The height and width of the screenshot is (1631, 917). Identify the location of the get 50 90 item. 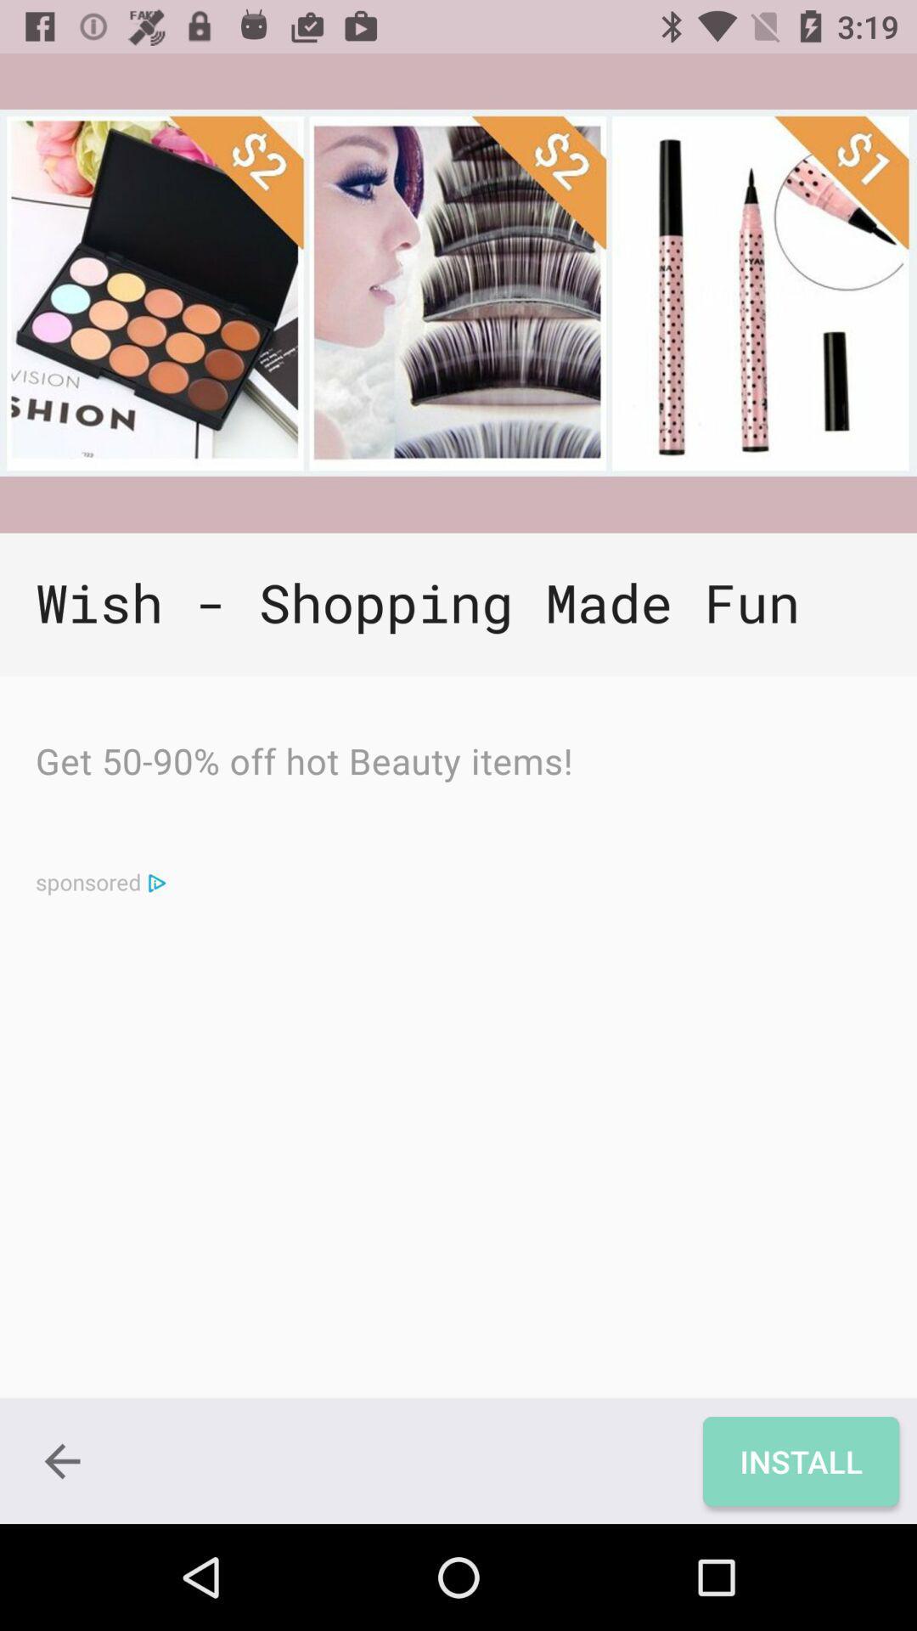
(303, 765).